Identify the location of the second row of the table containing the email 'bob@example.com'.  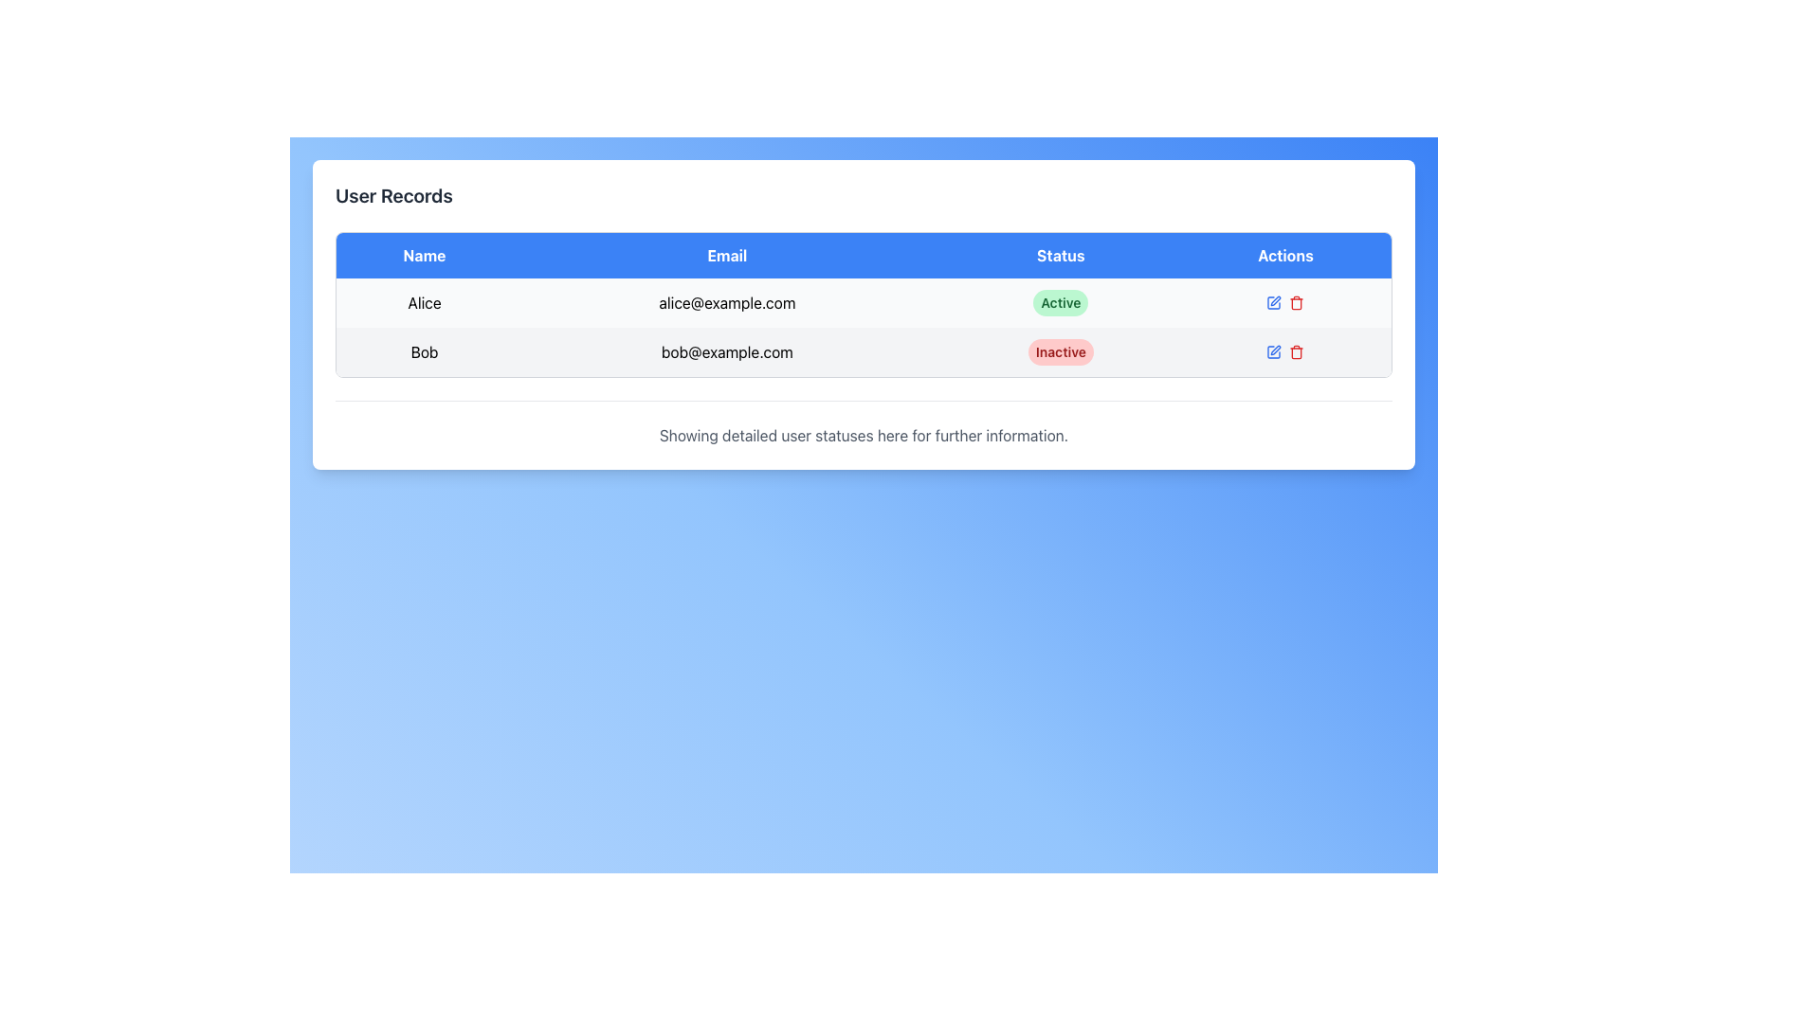
(863, 351).